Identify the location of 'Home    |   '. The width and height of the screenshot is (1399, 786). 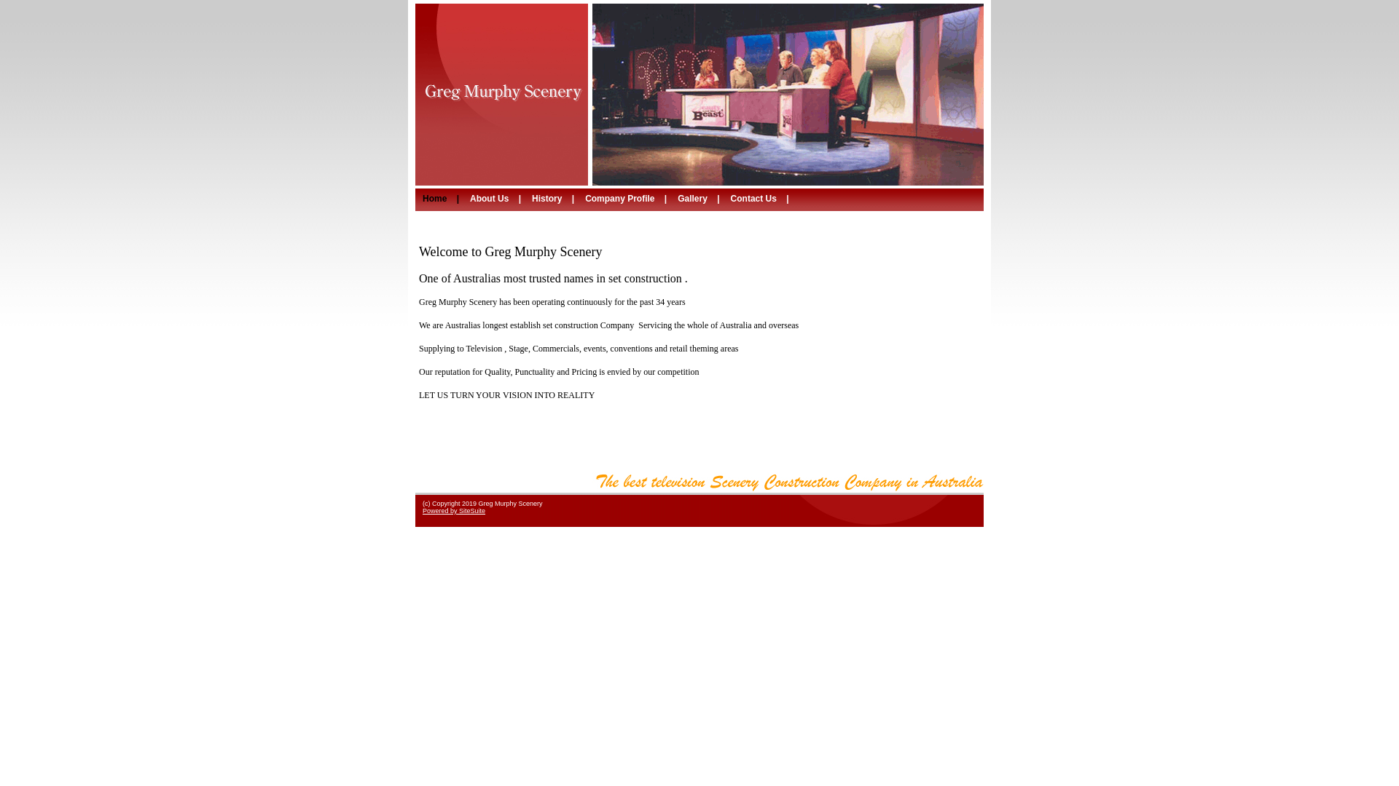
(442, 199).